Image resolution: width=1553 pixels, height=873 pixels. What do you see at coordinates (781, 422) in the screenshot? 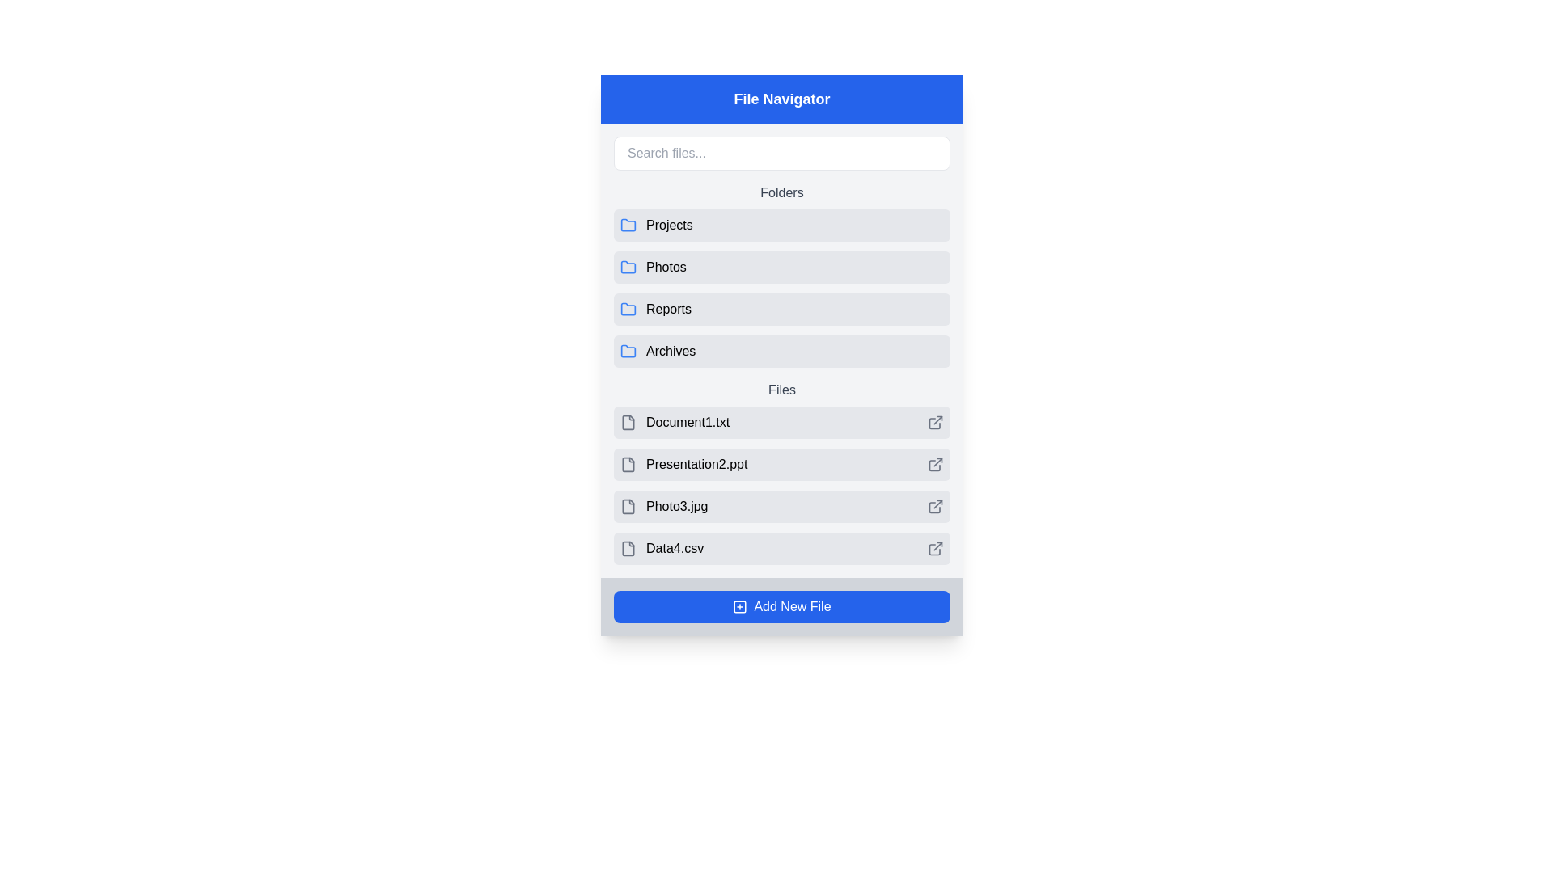
I see `the first selectable file entry labeled 'Document1.txt'` at bounding box center [781, 422].